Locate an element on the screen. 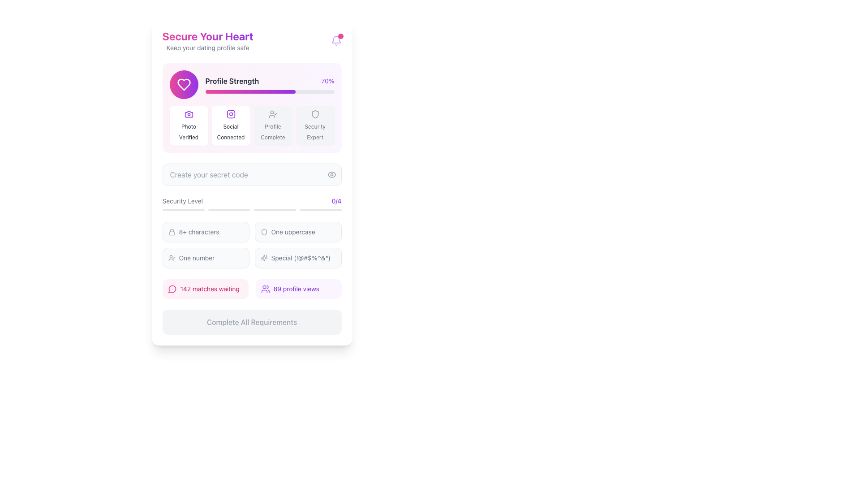 The width and height of the screenshot is (860, 484). the 'Security Expert' icon is located at coordinates (315, 113).